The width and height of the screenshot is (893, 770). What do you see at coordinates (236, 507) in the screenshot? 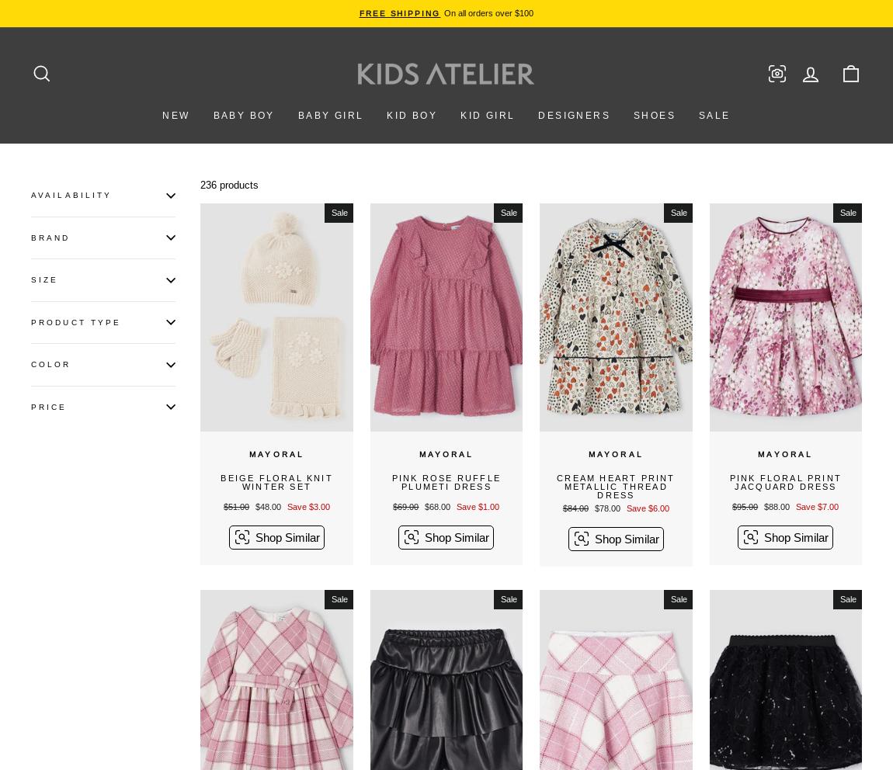
I see `'$51.00'` at bounding box center [236, 507].